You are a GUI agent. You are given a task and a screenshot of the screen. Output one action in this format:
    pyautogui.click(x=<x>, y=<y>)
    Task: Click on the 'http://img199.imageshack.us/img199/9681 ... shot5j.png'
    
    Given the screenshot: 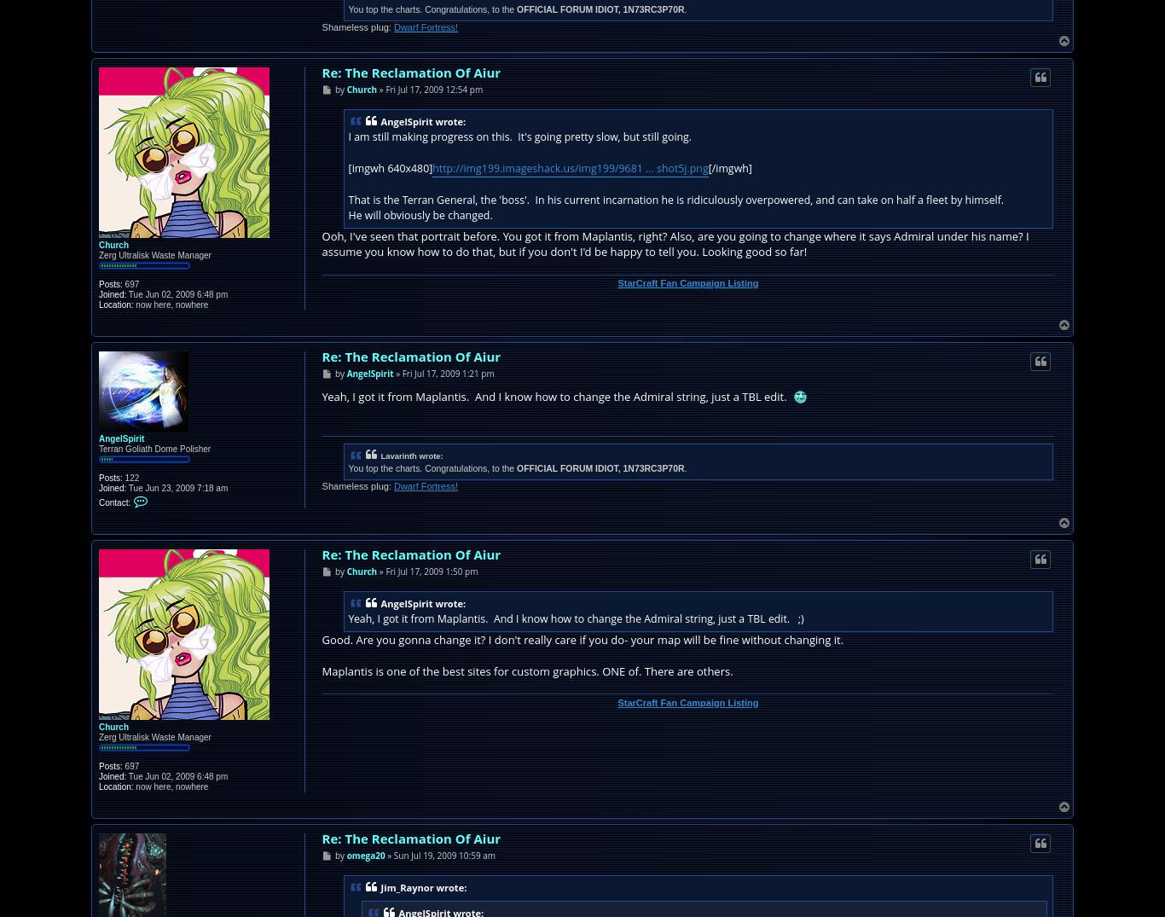 What is the action you would take?
    pyautogui.click(x=569, y=166)
    